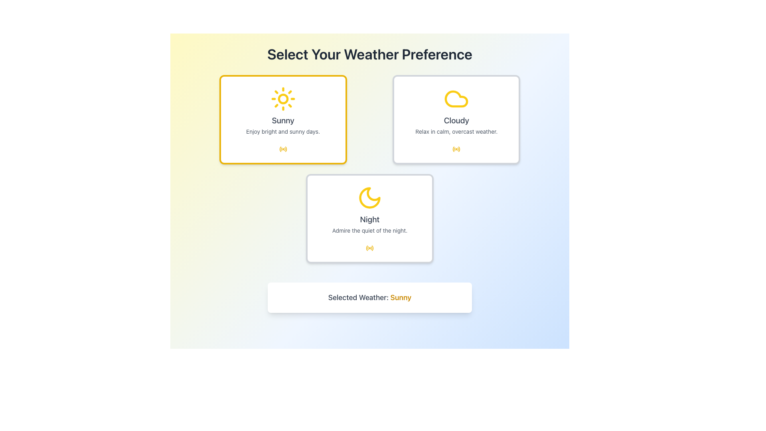  I want to click on the text line that reads 'Relax in calm, overcast weather.' which is the second text line in the 'Cloudy' card section located in the top right quadrant of the interface, so click(456, 131).